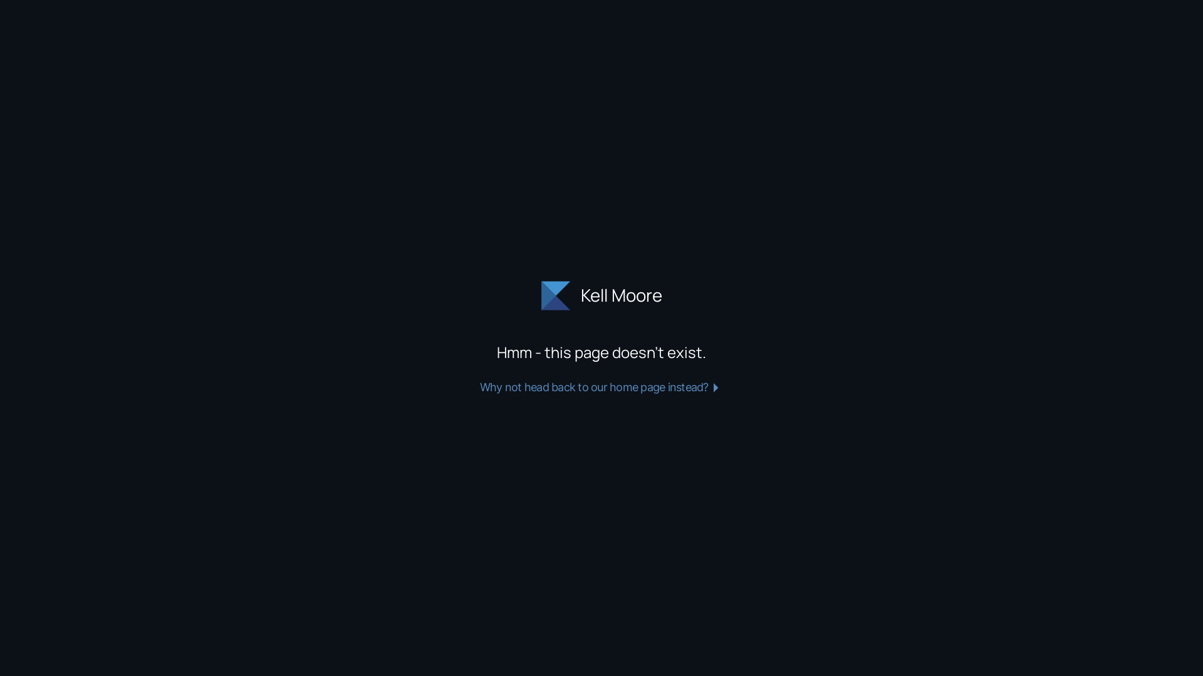 This screenshot has width=1203, height=676. Describe the element at coordinates (601, 386) in the screenshot. I see `'Why not head back to our home page instead?'` at that location.